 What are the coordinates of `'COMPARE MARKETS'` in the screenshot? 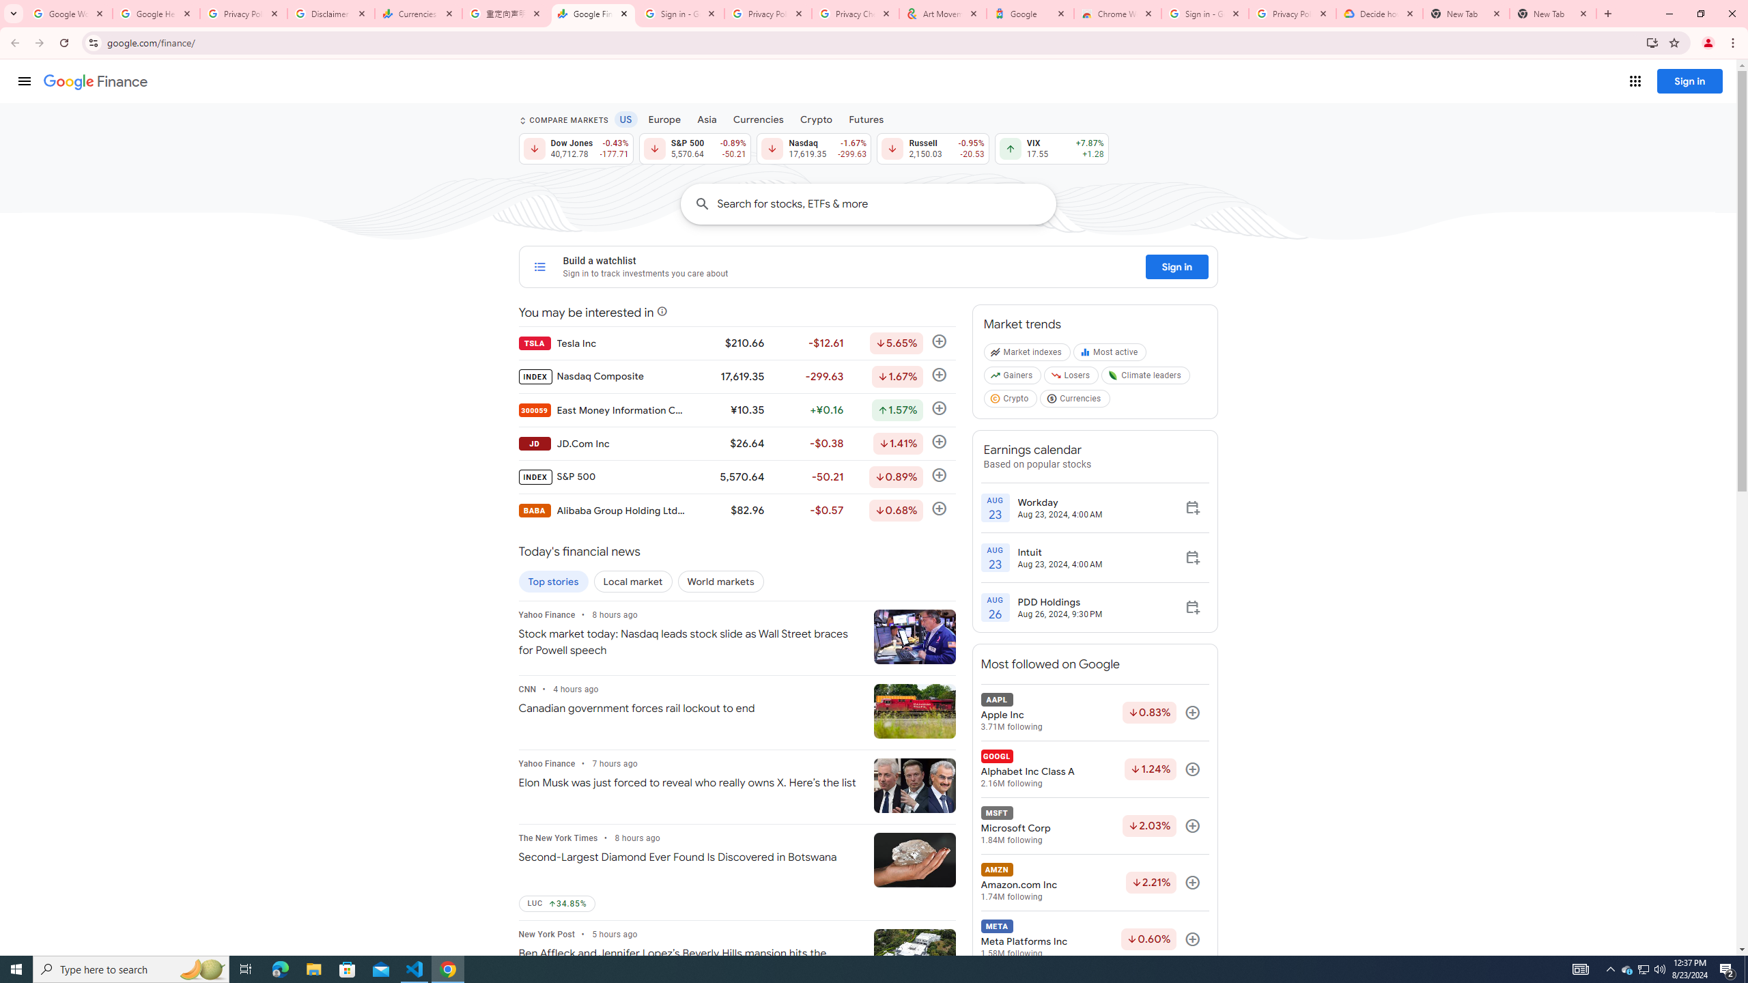 It's located at (562, 120).